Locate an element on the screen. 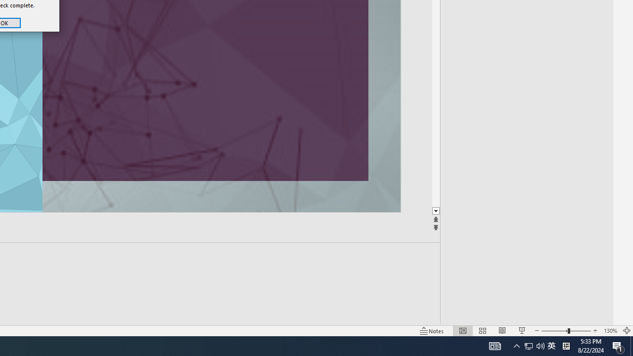 The height and width of the screenshot is (356, 633). 'Zoom 130%' is located at coordinates (610, 331).